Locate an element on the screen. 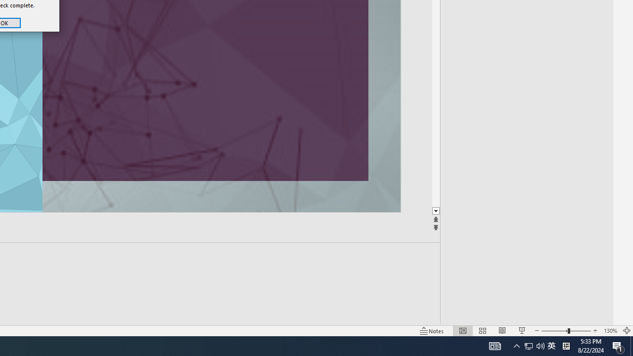 The height and width of the screenshot is (356, 633). 'Zoom 130%' is located at coordinates (610, 331).